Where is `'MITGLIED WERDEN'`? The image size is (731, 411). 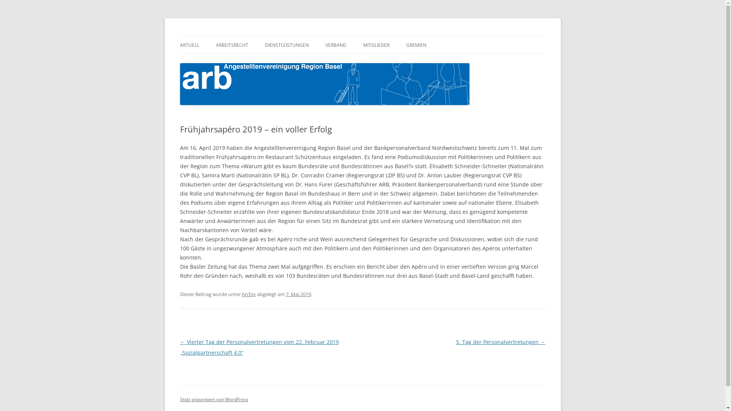 'MITGLIED WERDEN' is located at coordinates (401, 61).